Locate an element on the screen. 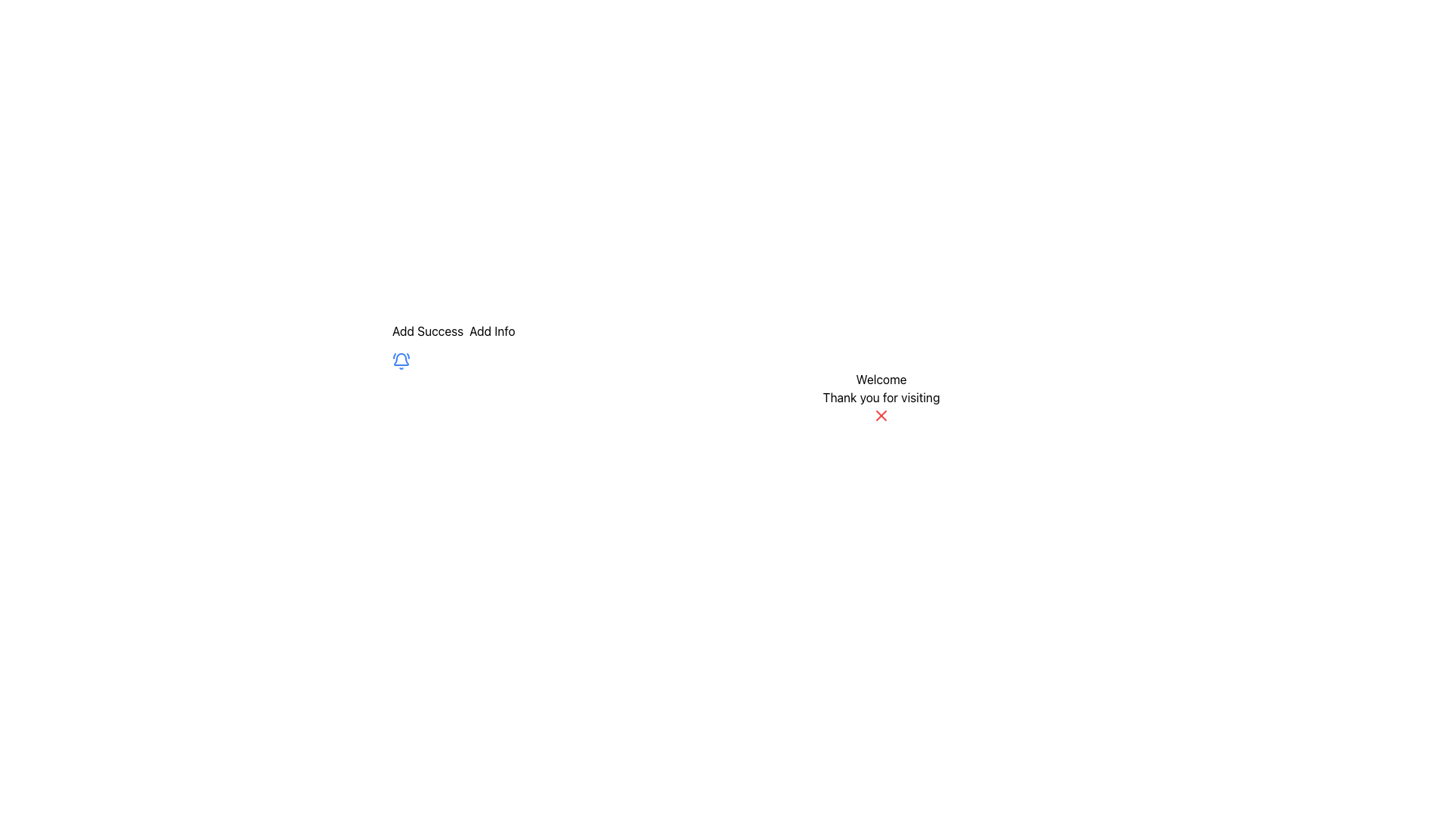 This screenshot has width=1449, height=815. the small, red-colored cross or 'X' icon located at the bottom of the text 'Thank you for visiting' is located at coordinates (881, 416).